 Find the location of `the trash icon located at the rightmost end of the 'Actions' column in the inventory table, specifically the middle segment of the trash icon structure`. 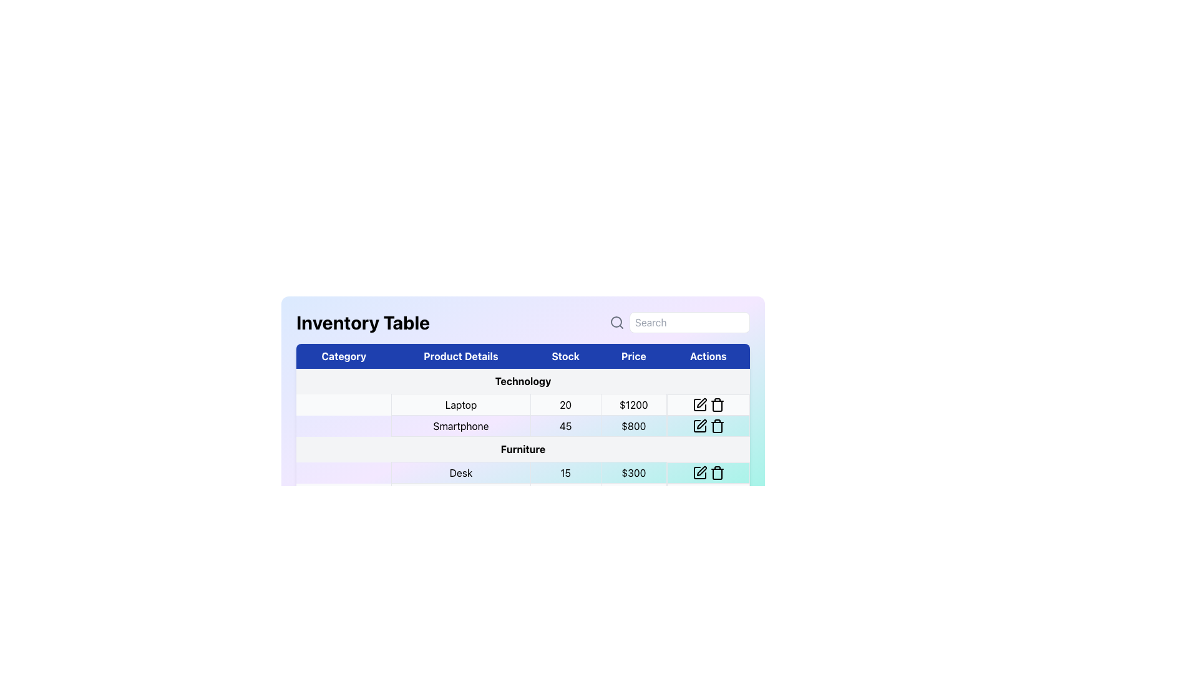

the trash icon located at the rightmost end of the 'Actions' column in the inventory table, specifically the middle segment of the trash icon structure is located at coordinates (717, 474).